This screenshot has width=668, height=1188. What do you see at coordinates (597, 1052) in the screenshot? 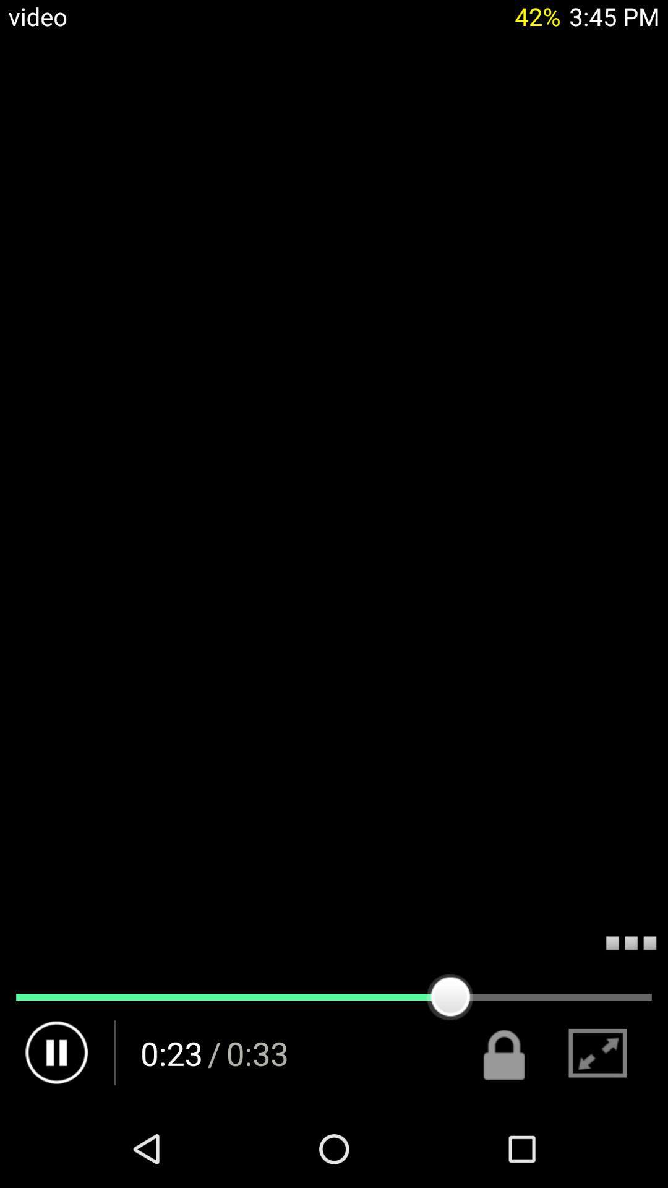
I see `the icon next to the lock icon` at bounding box center [597, 1052].